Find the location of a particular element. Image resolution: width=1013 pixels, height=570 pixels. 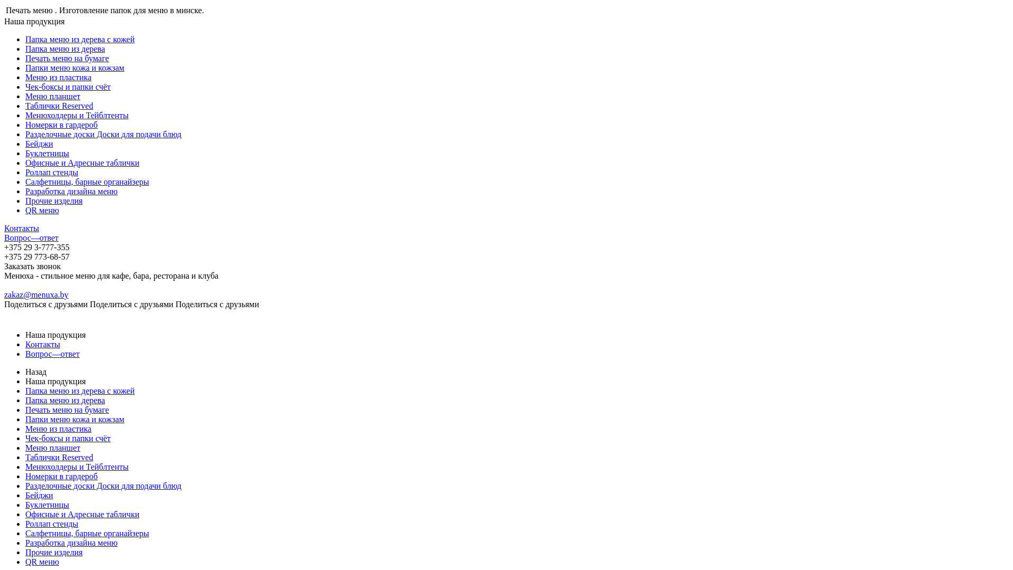

'zakaz@menuxa.by' is located at coordinates (36, 294).